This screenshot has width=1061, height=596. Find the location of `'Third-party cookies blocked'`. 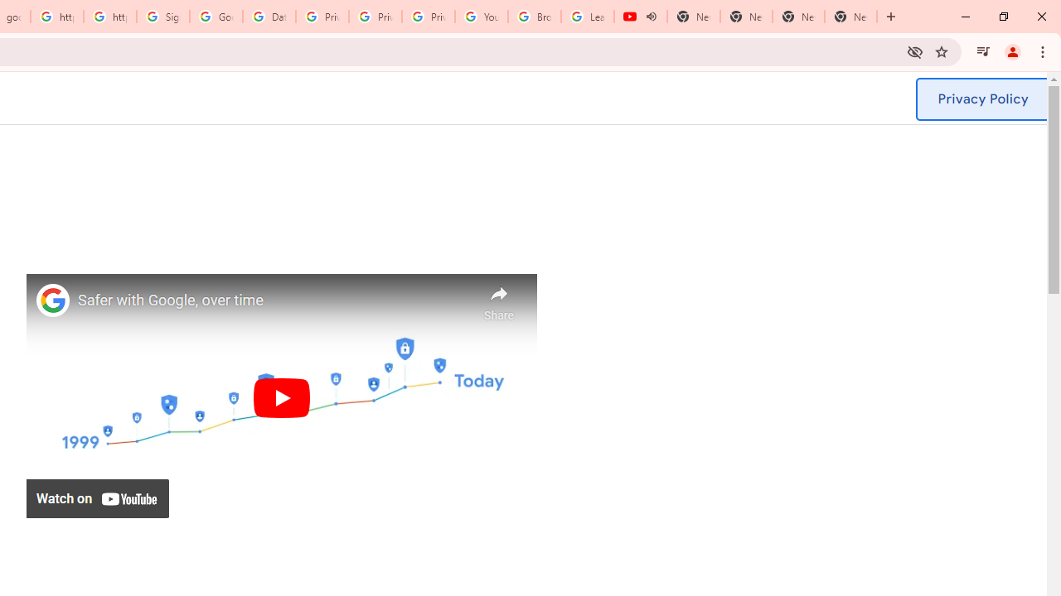

'Third-party cookies blocked' is located at coordinates (914, 50).